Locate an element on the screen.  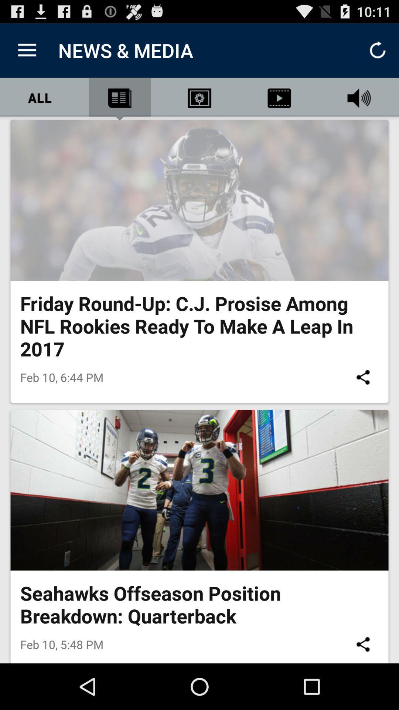
the item next to news & media icon is located at coordinates (27, 50).